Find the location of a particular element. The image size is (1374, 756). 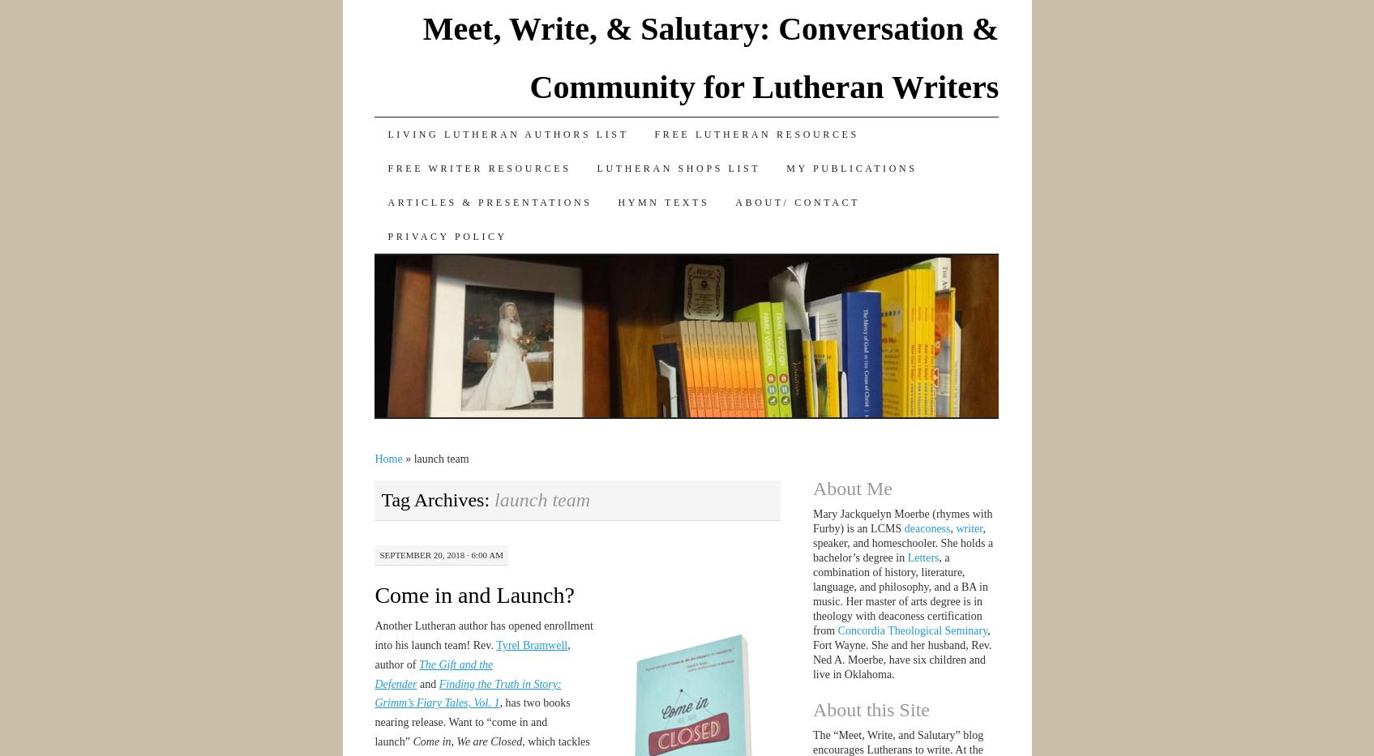

'The Gift and the Defender' is located at coordinates (433, 673).